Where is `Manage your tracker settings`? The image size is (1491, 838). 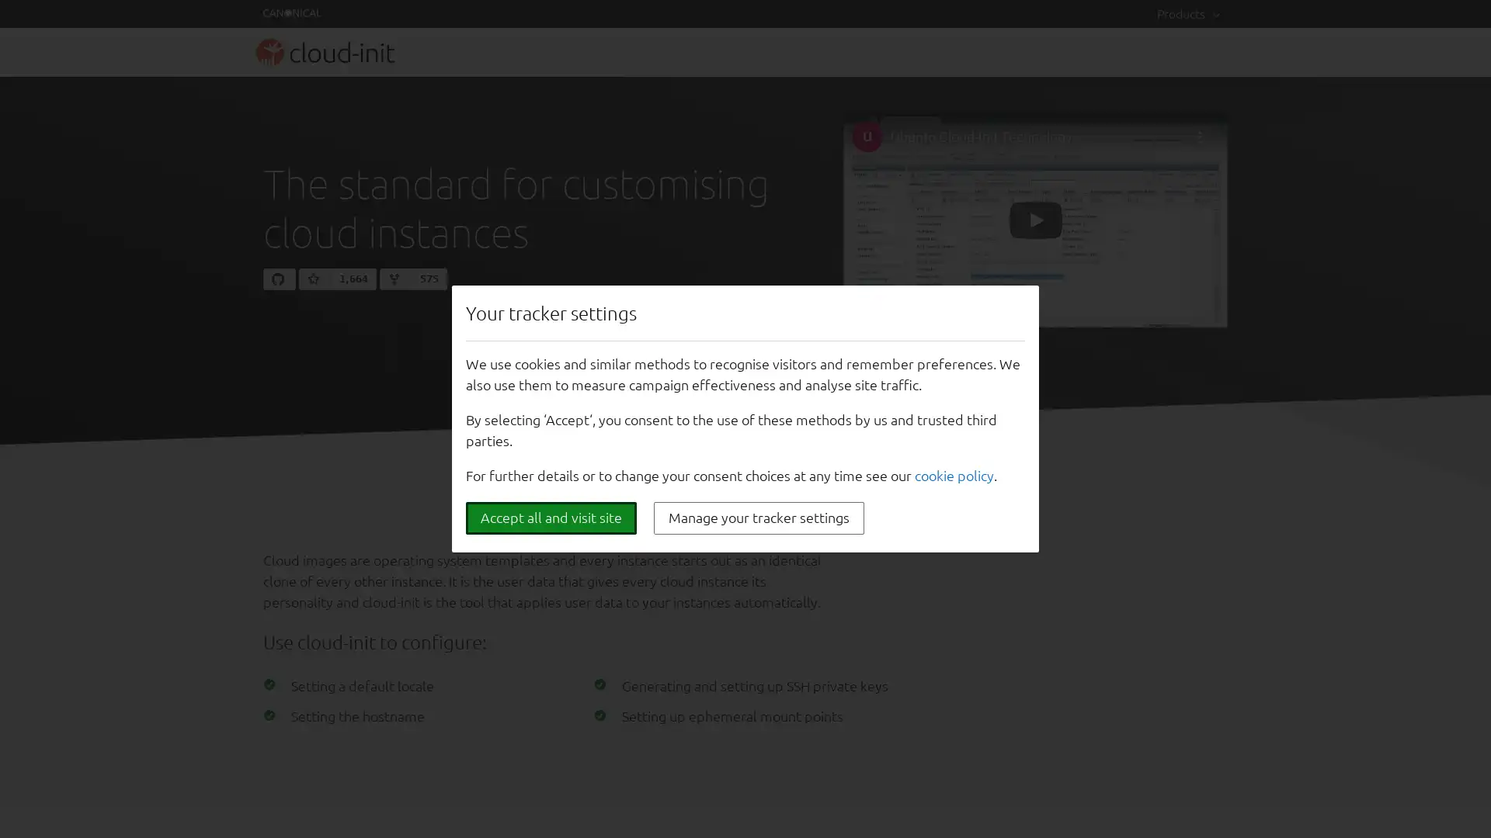
Manage your tracker settings is located at coordinates (759, 518).